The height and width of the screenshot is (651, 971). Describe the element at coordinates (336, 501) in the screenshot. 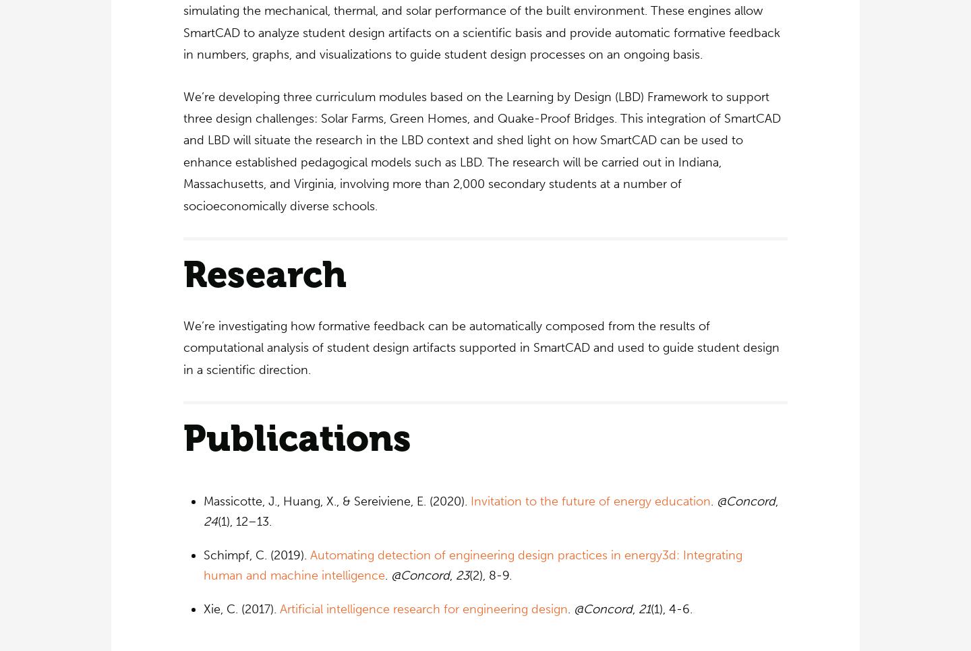

I see `'Massicotte, J., Huang, X.,  & Sereiviene, E. (2020).'` at that location.